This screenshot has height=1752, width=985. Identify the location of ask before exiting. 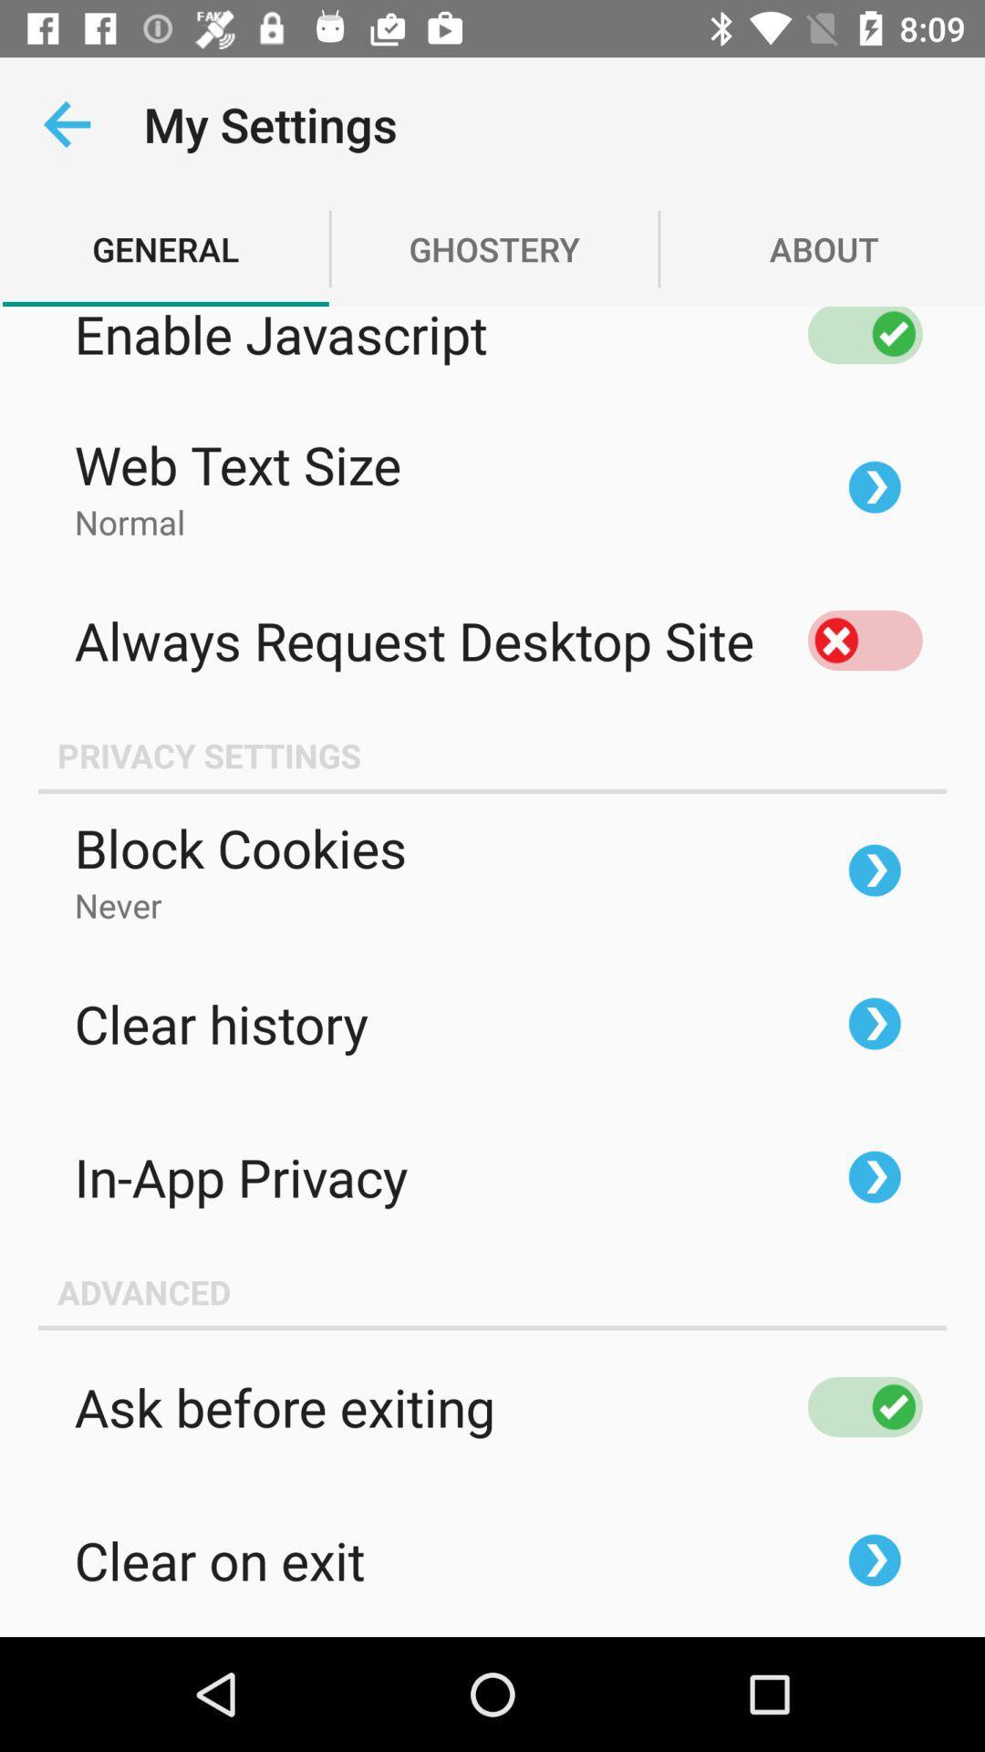
(864, 1405).